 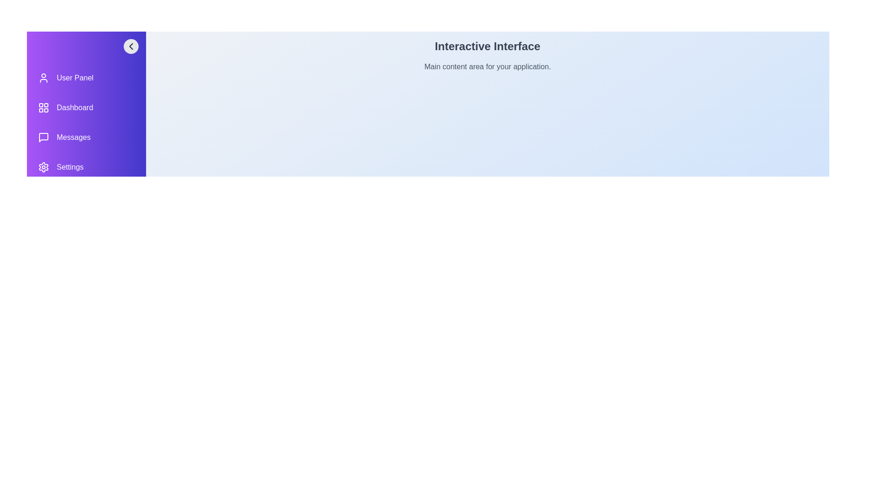 I want to click on the menu item User Panel to highlight it, so click(x=87, y=78).